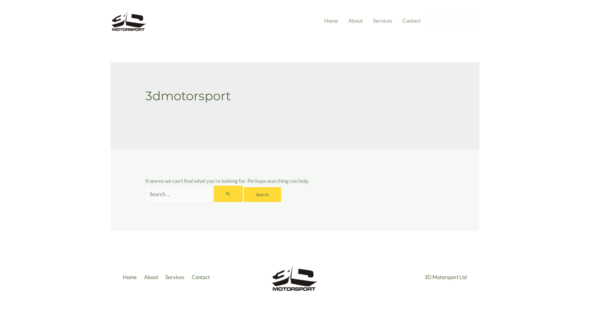 This screenshot has height=332, width=590. What do you see at coordinates (152, 277) in the screenshot?
I see `'About'` at bounding box center [152, 277].